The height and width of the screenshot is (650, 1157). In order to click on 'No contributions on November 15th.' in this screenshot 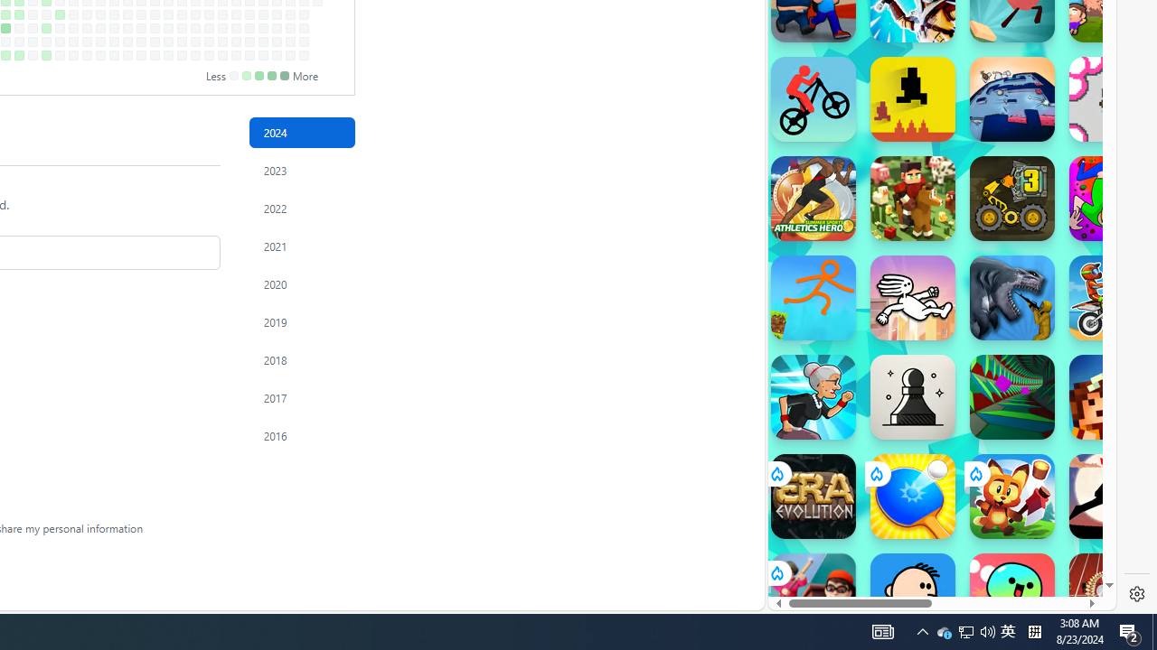, I will do `click(221, 41)`.